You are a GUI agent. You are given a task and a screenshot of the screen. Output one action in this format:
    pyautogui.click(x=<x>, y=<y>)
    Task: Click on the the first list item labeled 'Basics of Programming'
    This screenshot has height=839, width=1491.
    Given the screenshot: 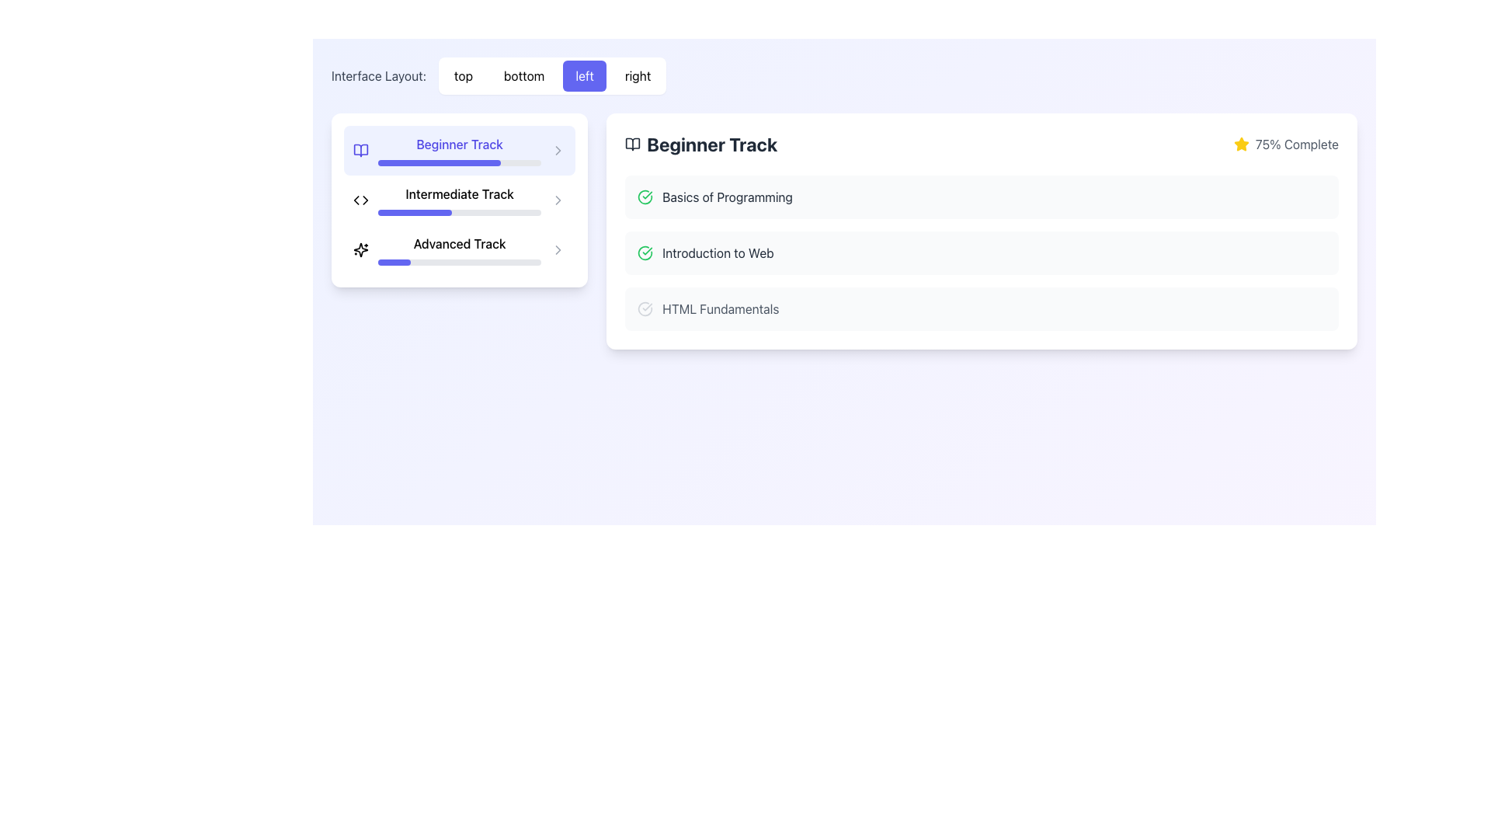 What is the action you would take?
    pyautogui.click(x=981, y=197)
    